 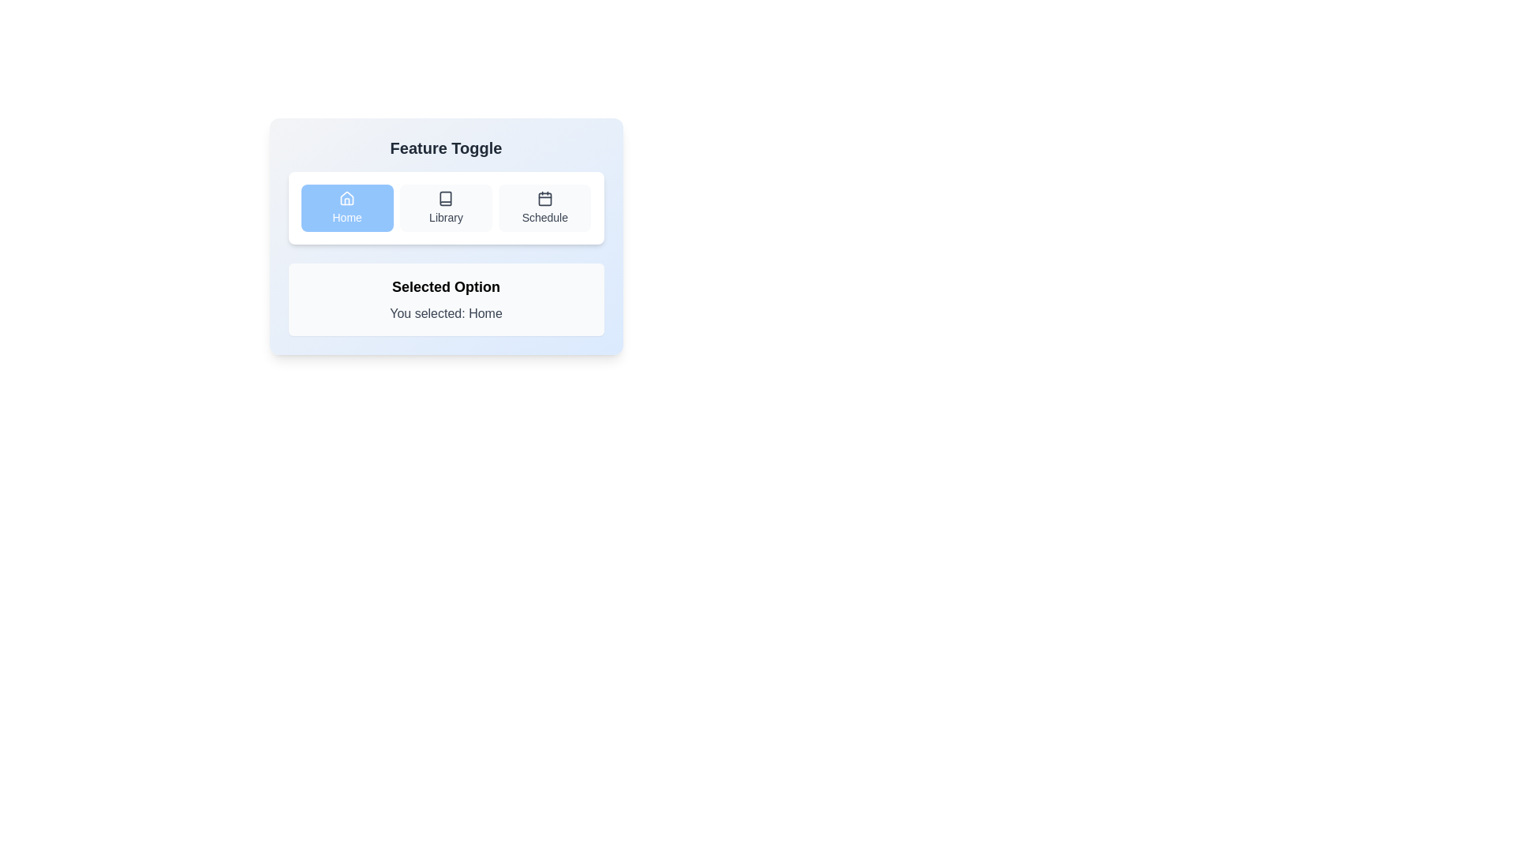 I want to click on the 'Home' button icon, which is located in the top-left corner of a horizontal button group, visually representing the homepage functionality, so click(x=346, y=197).